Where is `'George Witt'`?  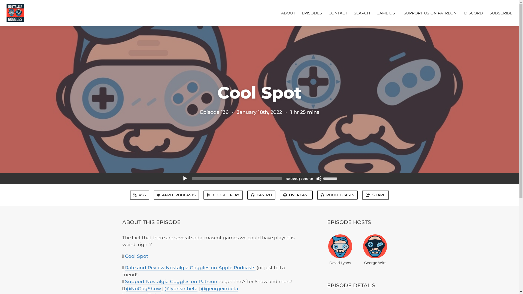 'George Witt' is located at coordinates (375, 249).